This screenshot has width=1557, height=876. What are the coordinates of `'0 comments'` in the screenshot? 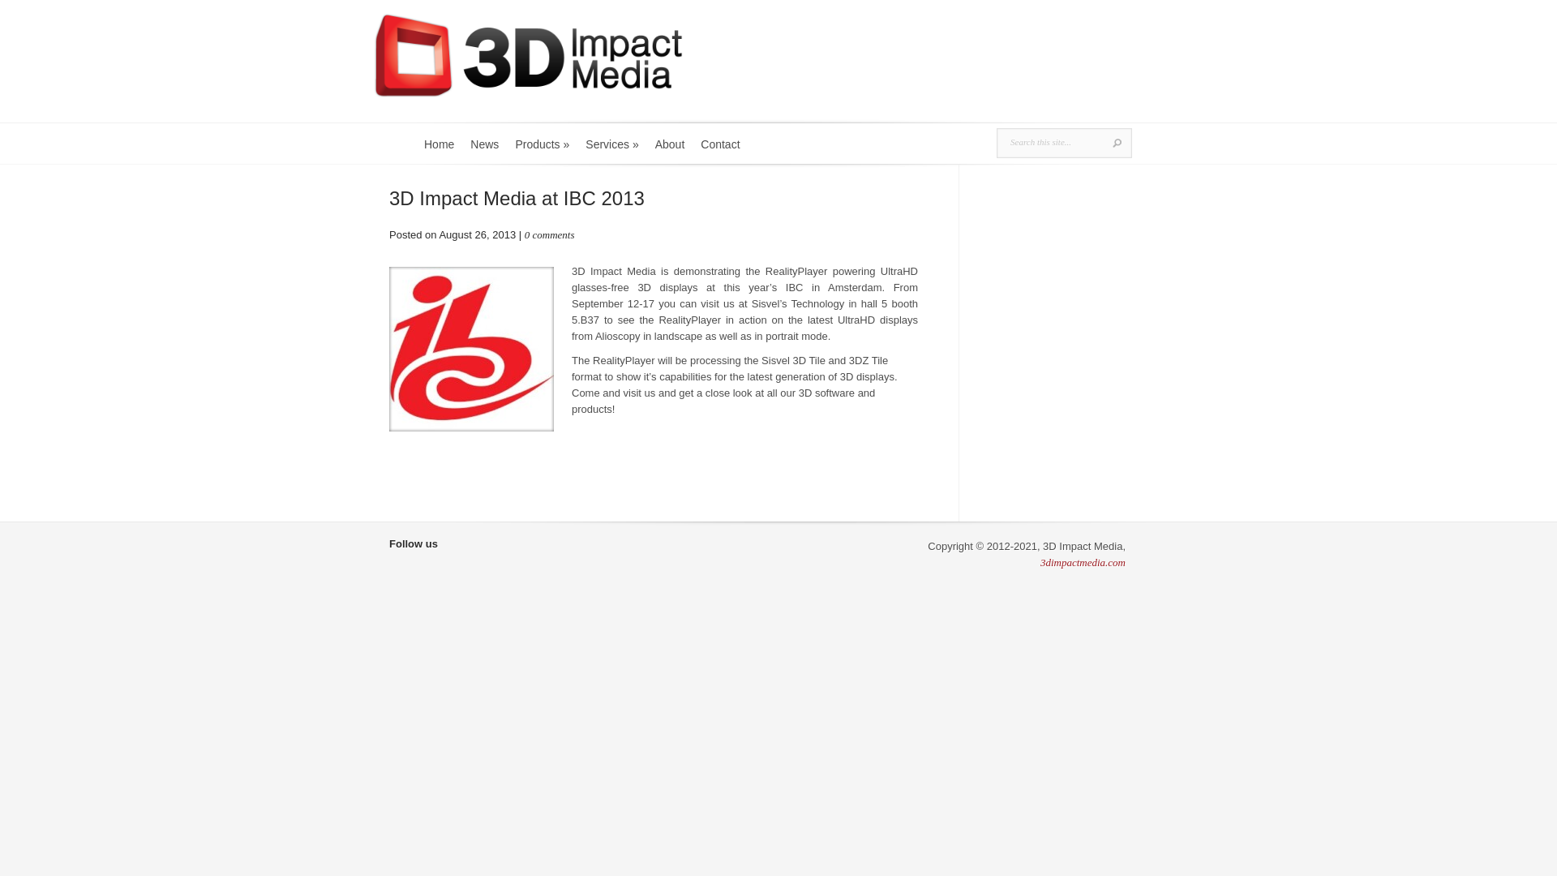 It's located at (549, 234).